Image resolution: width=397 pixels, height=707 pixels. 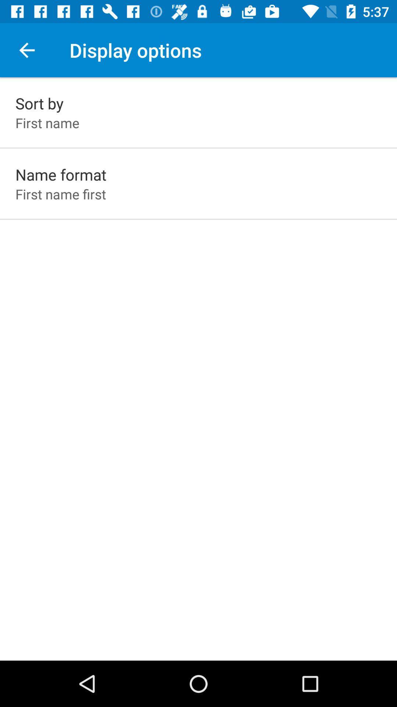 What do you see at coordinates (26, 50) in the screenshot?
I see `the icon to the left of the display options app` at bounding box center [26, 50].